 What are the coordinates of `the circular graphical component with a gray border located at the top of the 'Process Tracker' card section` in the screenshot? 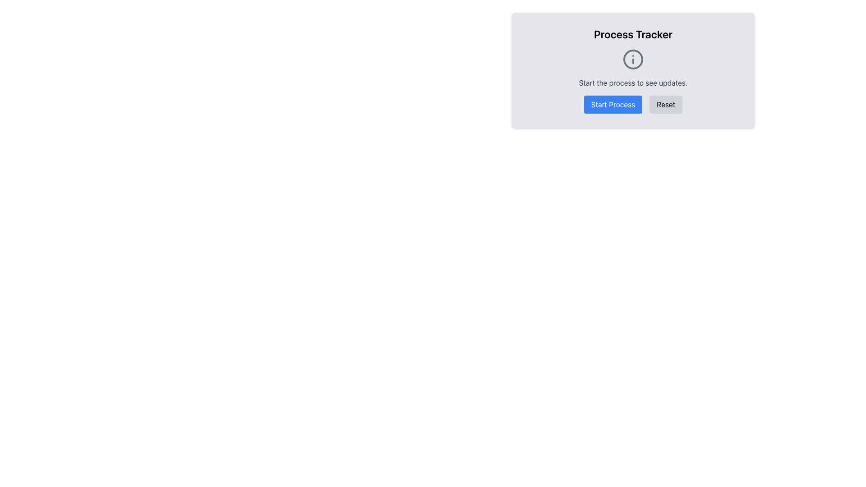 It's located at (632, 59).